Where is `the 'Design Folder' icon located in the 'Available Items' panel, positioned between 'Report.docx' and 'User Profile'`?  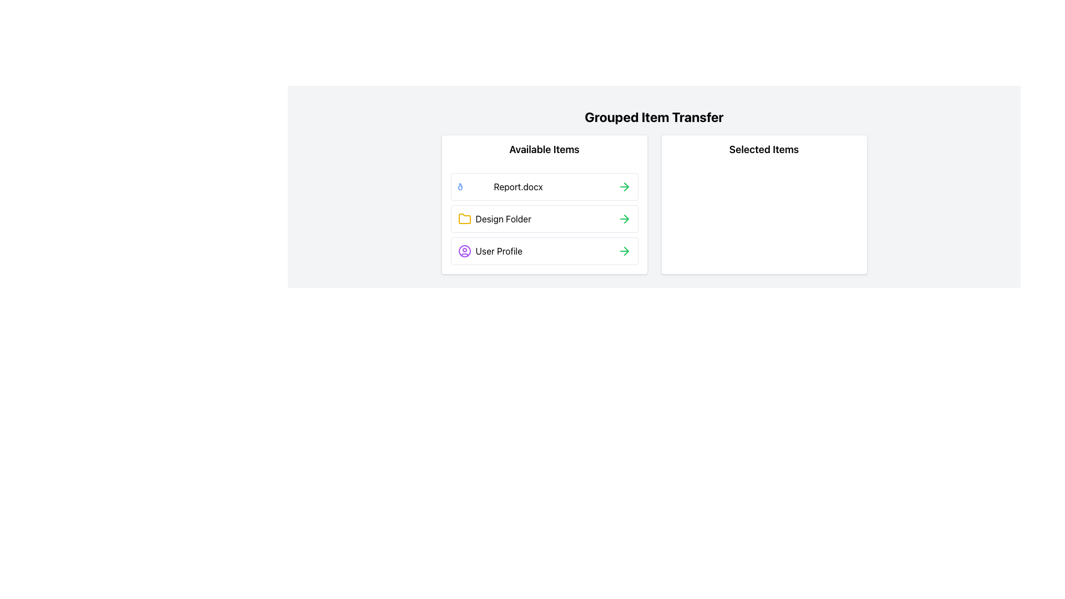 the 'Design Folder' icon located in the 'Available Items' panel, positioned between 'Report.docx' and 'User Profile' is located at coordinates (464, 219).